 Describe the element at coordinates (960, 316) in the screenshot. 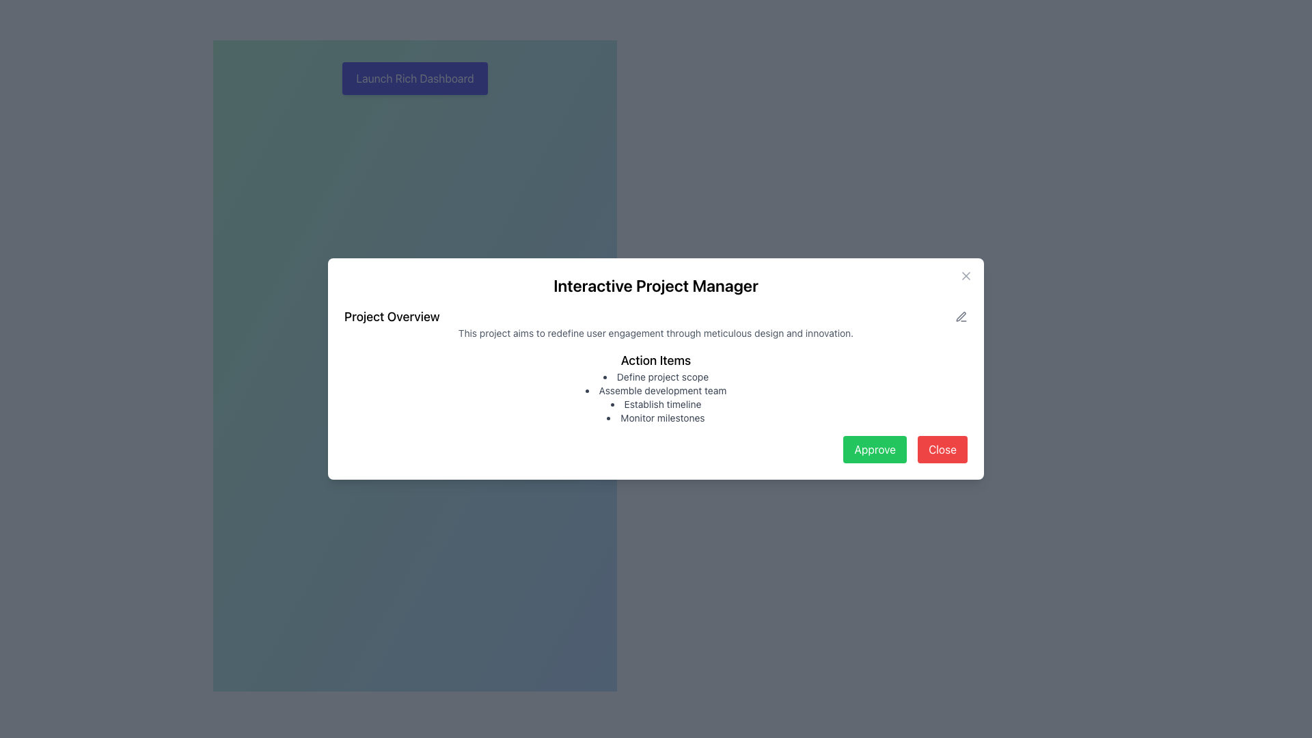

I see `the edit action icon button located in the top-right corner of the 'Project Overview' modal` at that location.